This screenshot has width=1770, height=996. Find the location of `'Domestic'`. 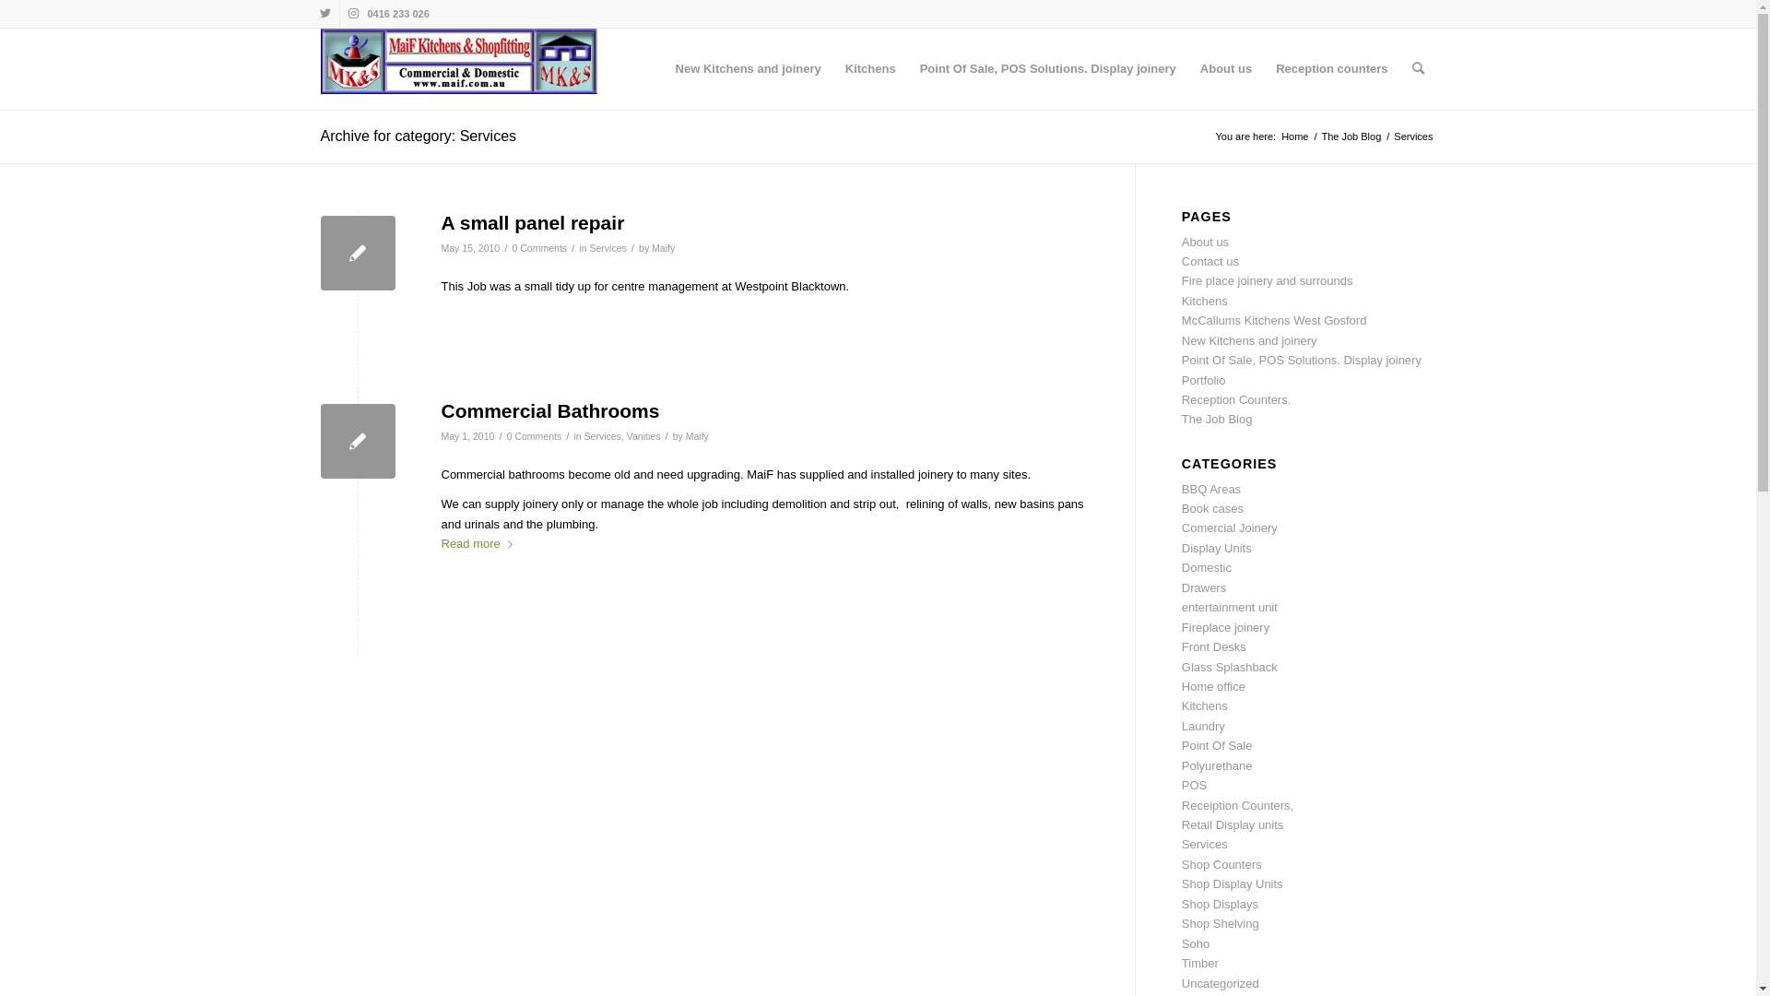

'Domestic' is located at coordinates (1181, 566).